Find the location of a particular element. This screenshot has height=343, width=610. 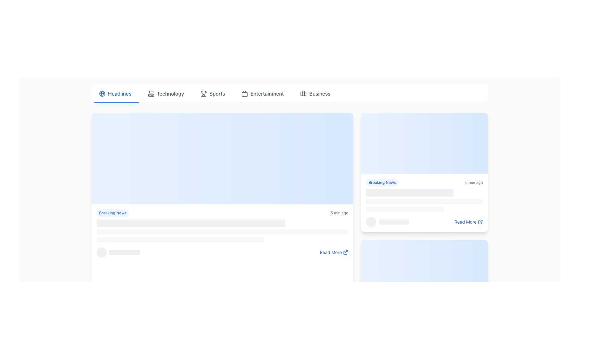

the 'Business' Navigation tab, which features a briefcase icon and gray text that turns blue on hover is located at coordinates (315, 93).